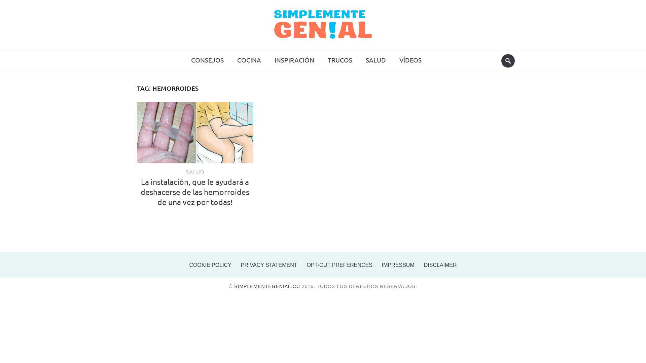 This screenshot has height=363, width=646. Describe the element at coordinates (501, 61) in the screenshot. I see `'Buscar'` at that location.